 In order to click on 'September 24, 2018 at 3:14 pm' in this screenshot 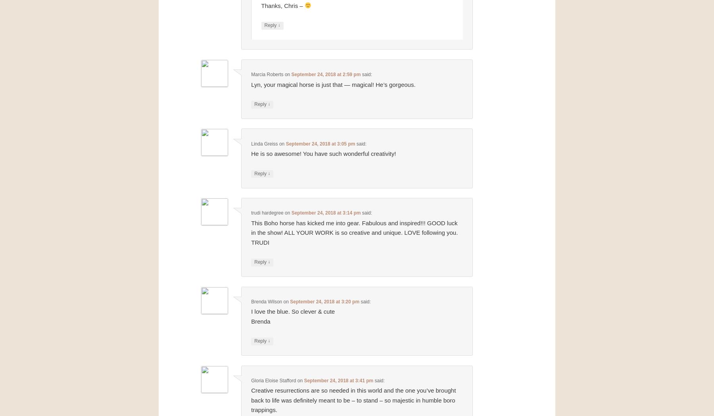, I will do `click(326, 213)`.